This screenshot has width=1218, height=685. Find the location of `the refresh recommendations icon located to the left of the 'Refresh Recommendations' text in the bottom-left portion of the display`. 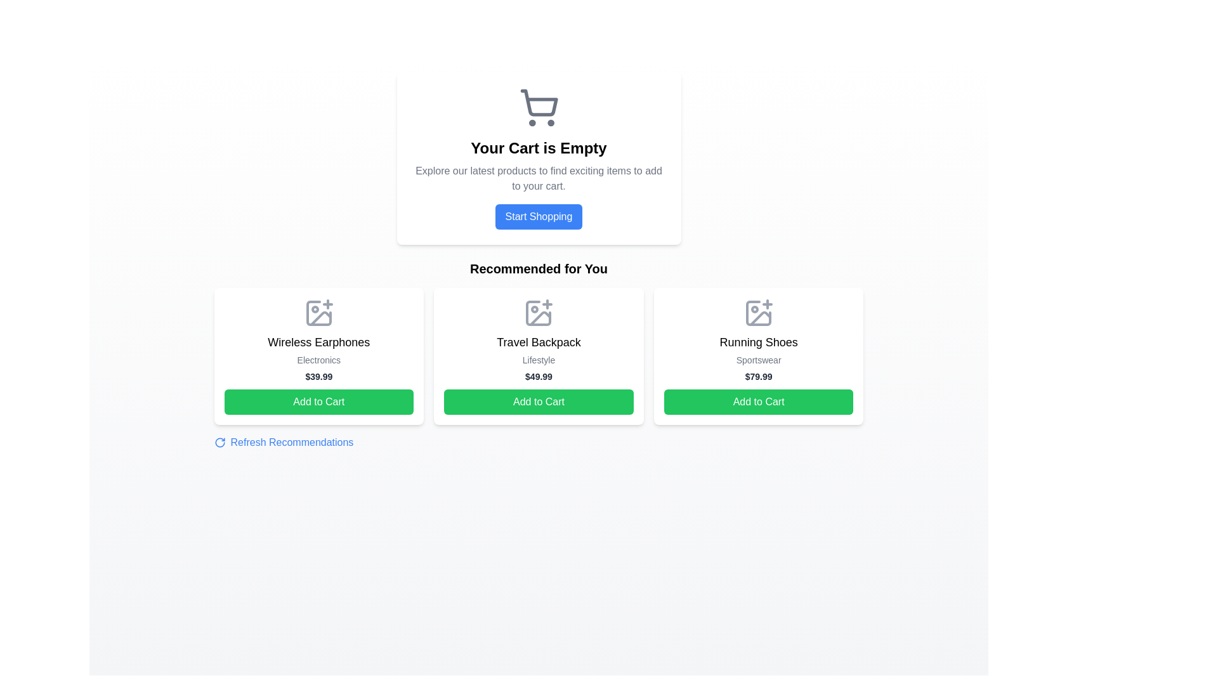

the refresh recommendations icon located to the left of the 'Refresh Recommendations' text in the bottom-left portion of the display is located at coordinates (219, 442).